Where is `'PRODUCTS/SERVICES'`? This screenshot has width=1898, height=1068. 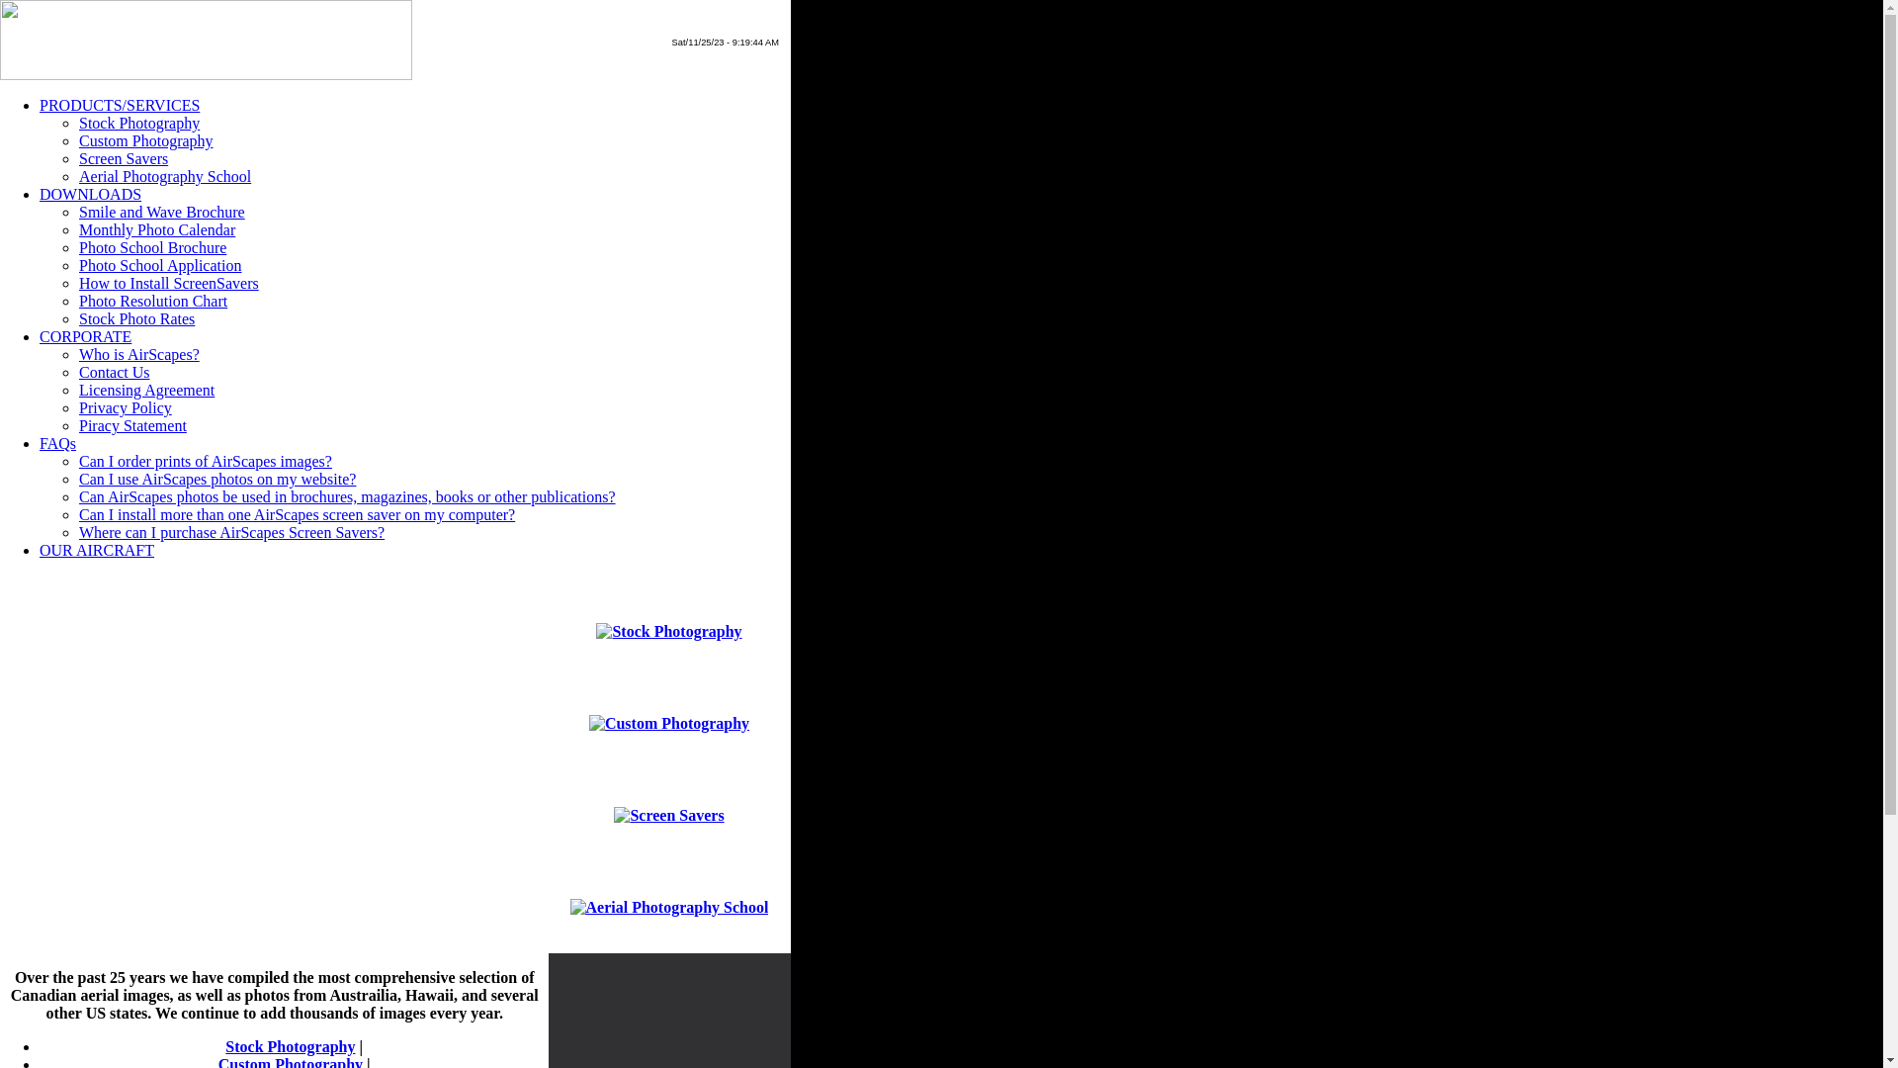 'PRODUCTS/SERVICES' is located at coordinates (118, 105).